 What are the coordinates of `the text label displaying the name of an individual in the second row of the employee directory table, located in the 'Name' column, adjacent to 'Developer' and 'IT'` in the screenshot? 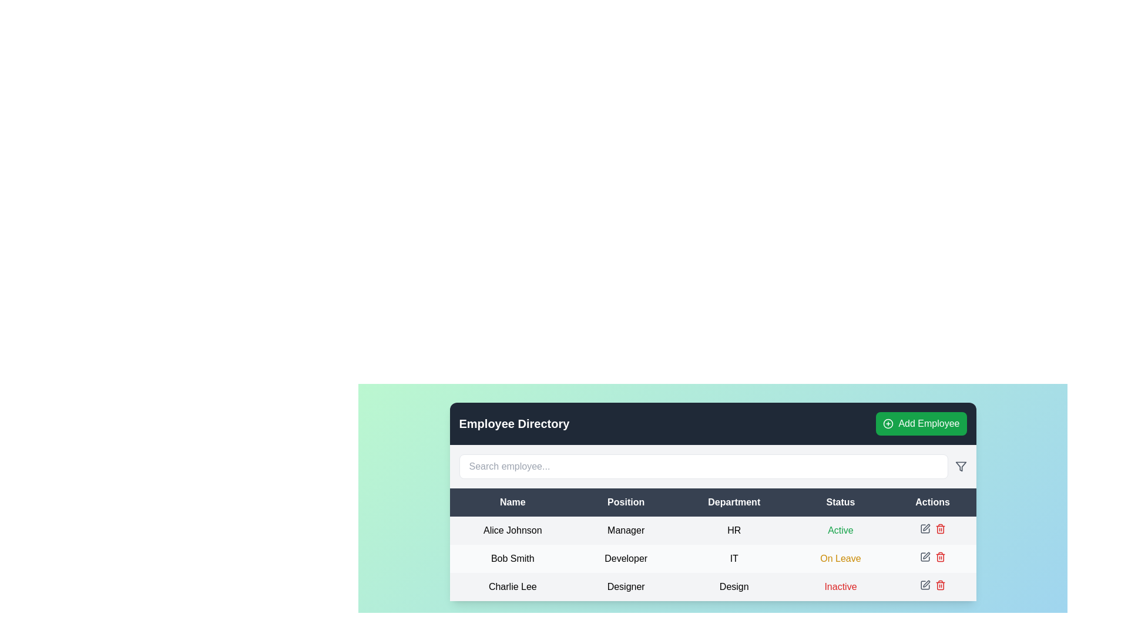 It's located at (512, 558).